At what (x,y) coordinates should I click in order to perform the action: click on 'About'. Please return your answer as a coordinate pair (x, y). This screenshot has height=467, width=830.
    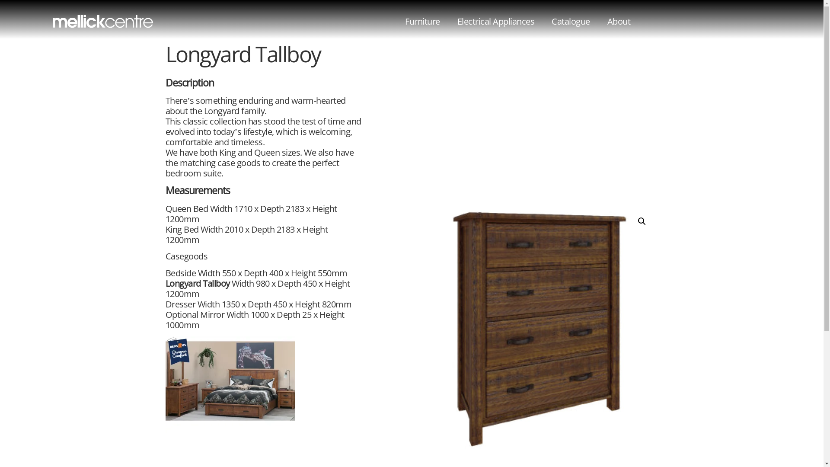
    Looking at the image, I should click on (598, 21).